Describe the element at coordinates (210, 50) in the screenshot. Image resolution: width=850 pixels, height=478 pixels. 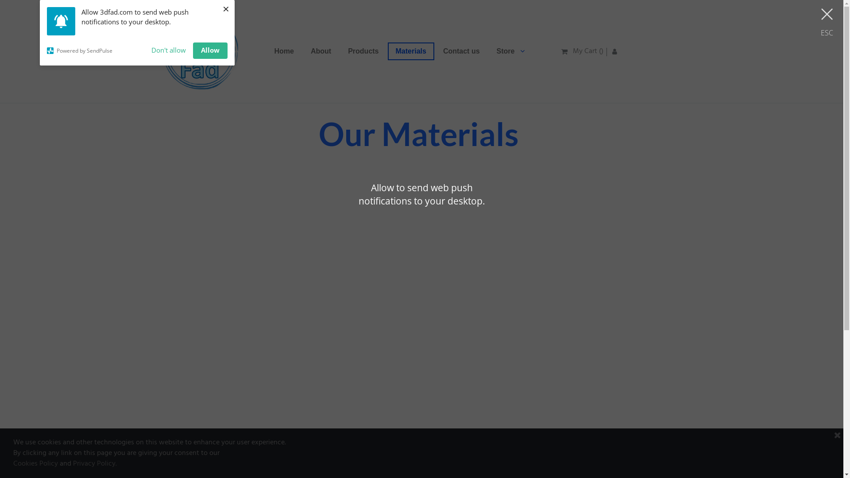
I see `'Allow'` at that location.